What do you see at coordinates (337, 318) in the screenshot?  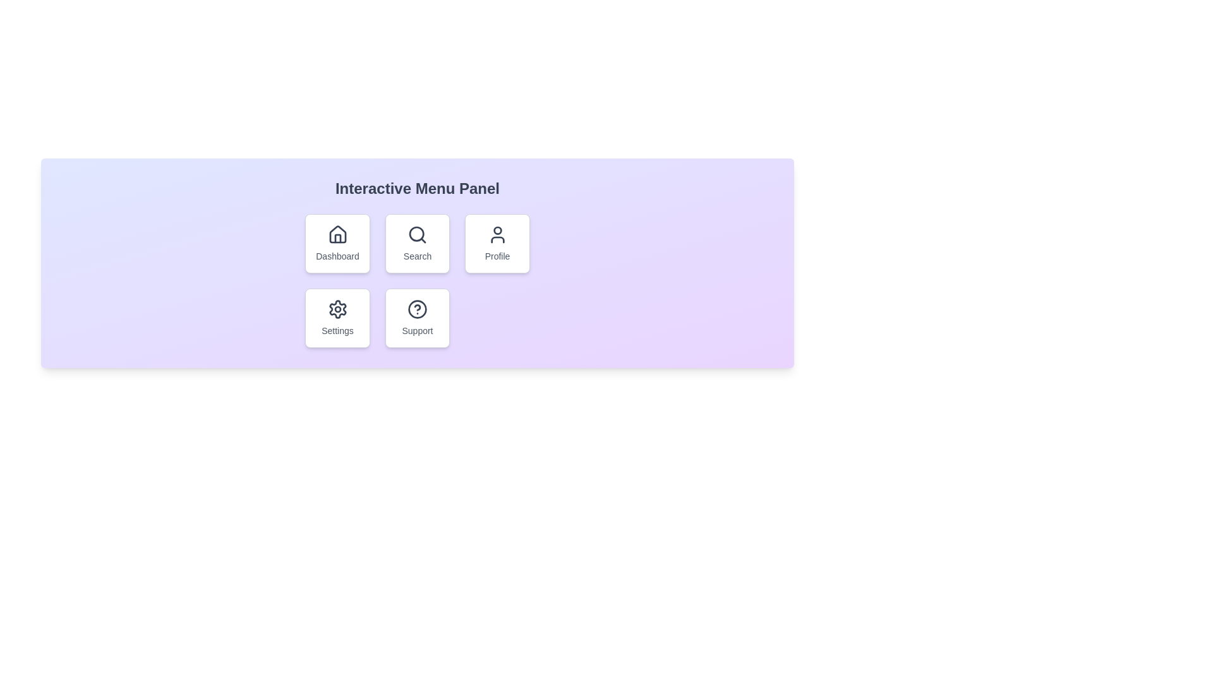 I see `the 'Settings' button, which is a square card with a gear icon and gray text, located beneath the 'Dashboard' element in the grid layout` at bounding box center [337, 318].